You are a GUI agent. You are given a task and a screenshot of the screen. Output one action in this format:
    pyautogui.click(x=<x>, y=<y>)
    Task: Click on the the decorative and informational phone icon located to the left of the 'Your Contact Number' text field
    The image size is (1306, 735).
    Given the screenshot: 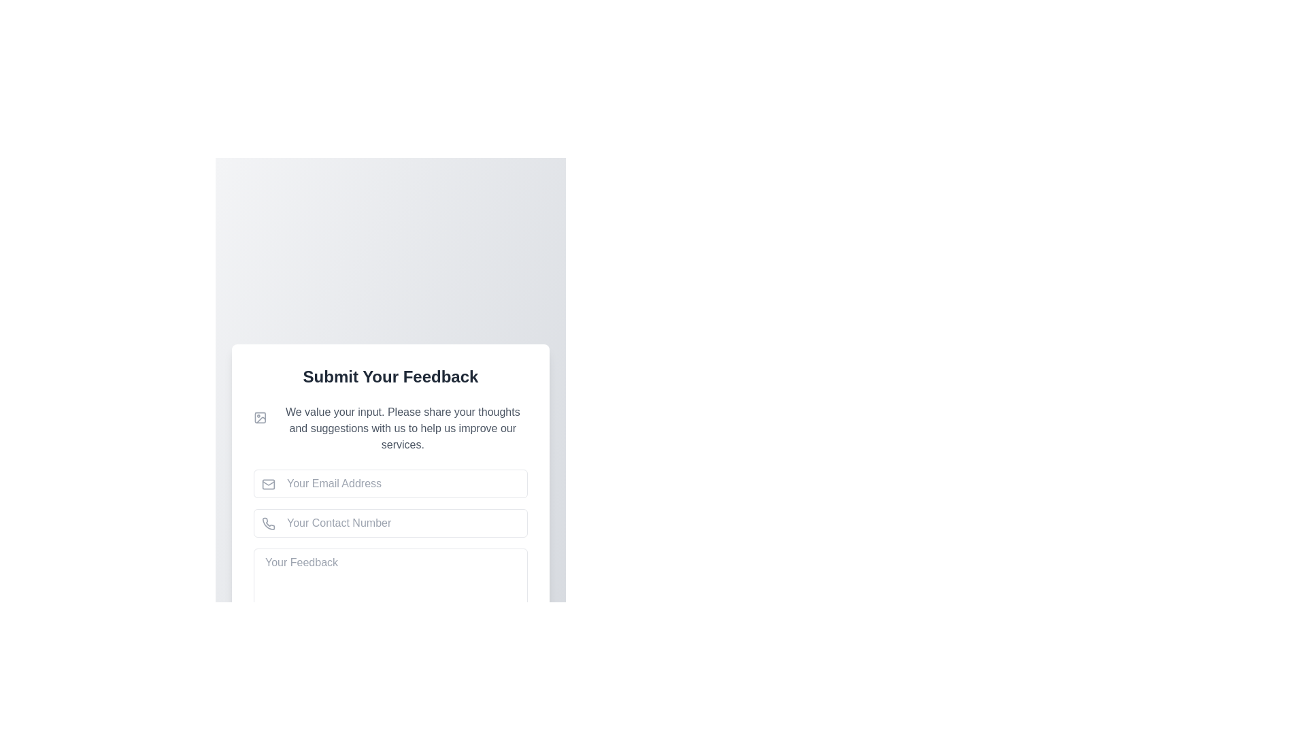 What is the action you would take?
    pyautogui.click(x=269, y=523)
    